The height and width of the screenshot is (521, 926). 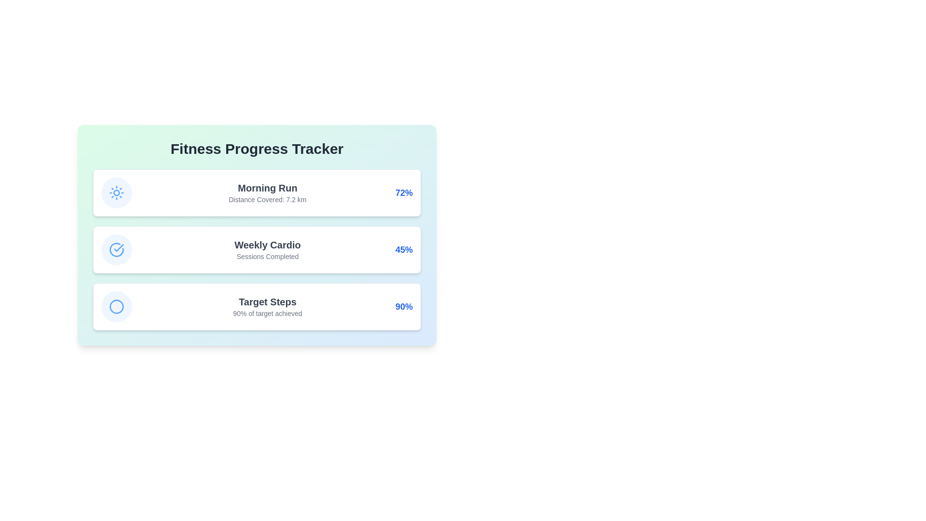 What do you see at coordinates (116, 307) in the screenshot?
I see `the 'Target Steps' icon, which is the third icon in a vertical list at the bottom section of the interface` at bounding box center [116, 307].